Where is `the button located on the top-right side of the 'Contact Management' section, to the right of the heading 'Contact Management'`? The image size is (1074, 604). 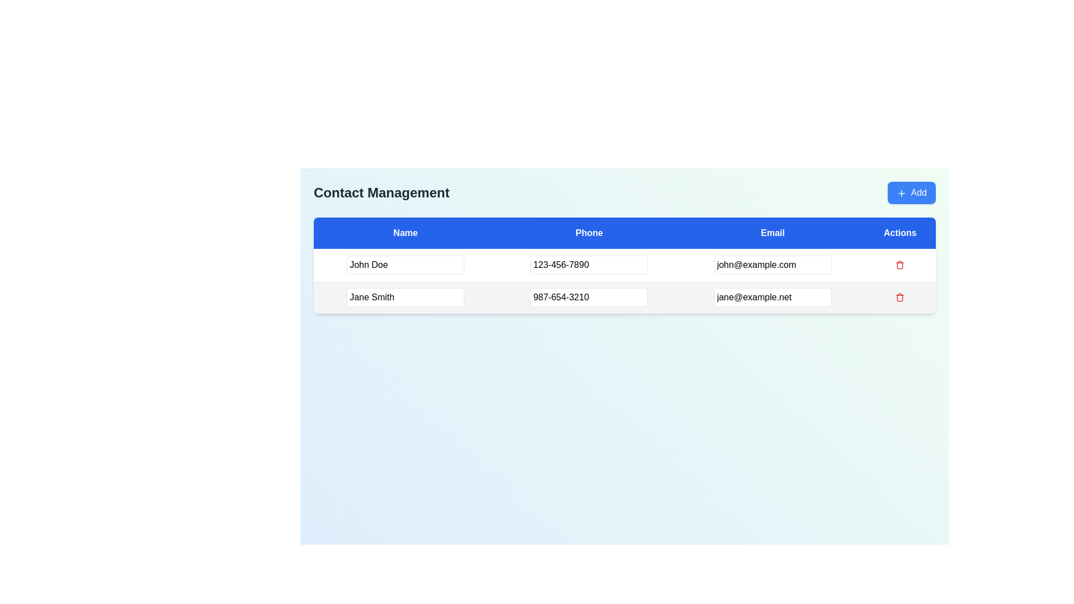
the button located on the top-right side of the 'Contact Management' section, to the right of the heading 'Contact Management' is located at coordinates (911, 192).